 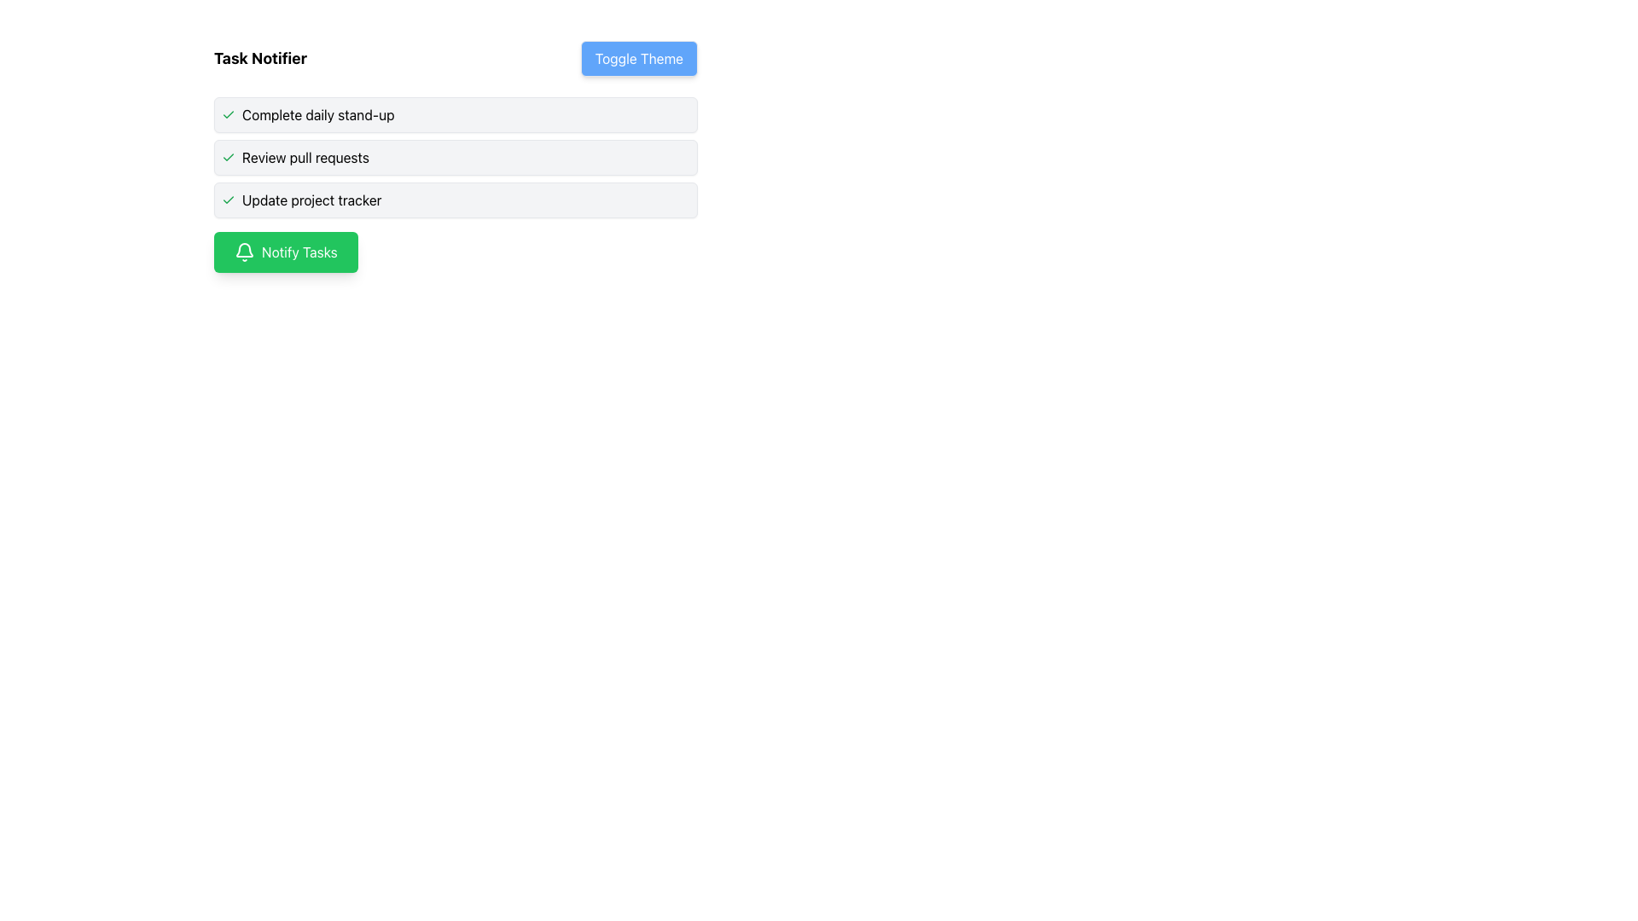 I want to click on text displayed on the 'Notify Tasks' label, which is located within a green button at the lower part of the interface, so click(x=299, y=252).